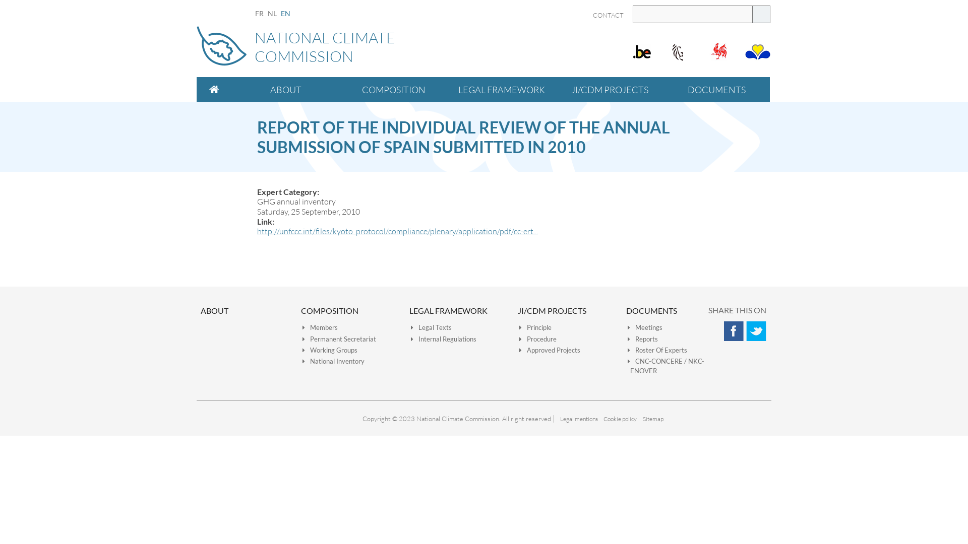 The width and height of the screenshot is (968, 544). What do you see at coordinates (214, 89) in the screenshot?
I see `'HOME'` at bounding box center [214, 89].